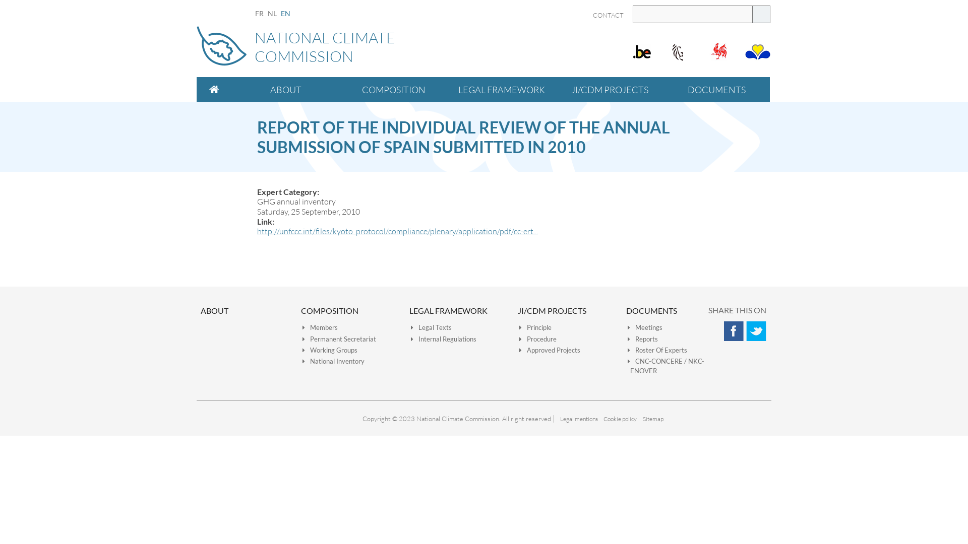 The width and height of the screenshot is (968, 544). What do you see at coordinates (214, 89) in the screenshot?
I see `'HOME'` at bounding box center [214, 89].